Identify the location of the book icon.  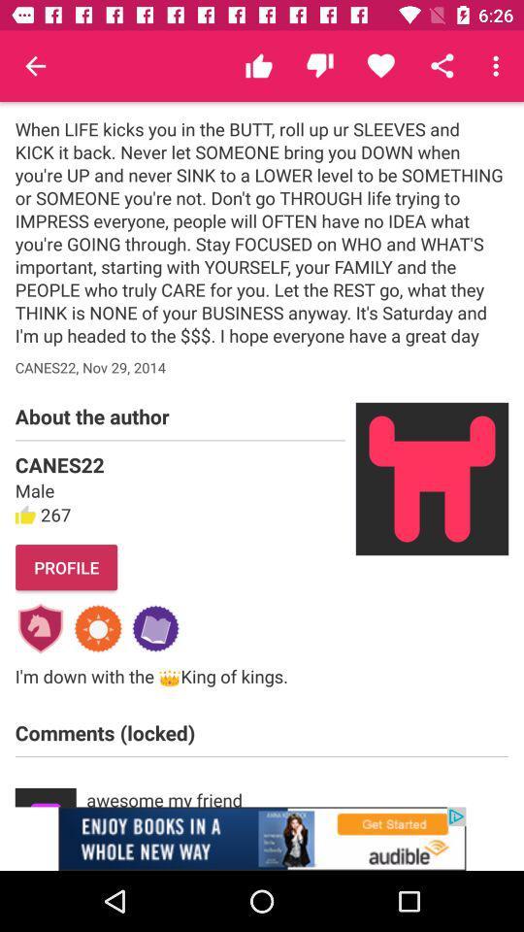
(154, 627).